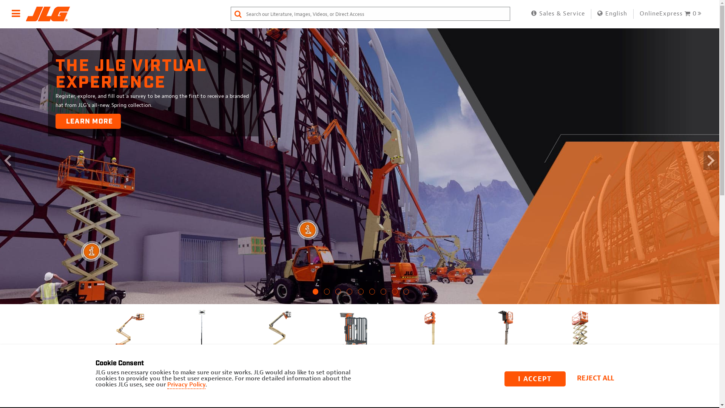 The image size is (725, 408). What do you see at coordinates (358, 294) in the screenshot?
I see `'5'` at bounding box center [358, 294].